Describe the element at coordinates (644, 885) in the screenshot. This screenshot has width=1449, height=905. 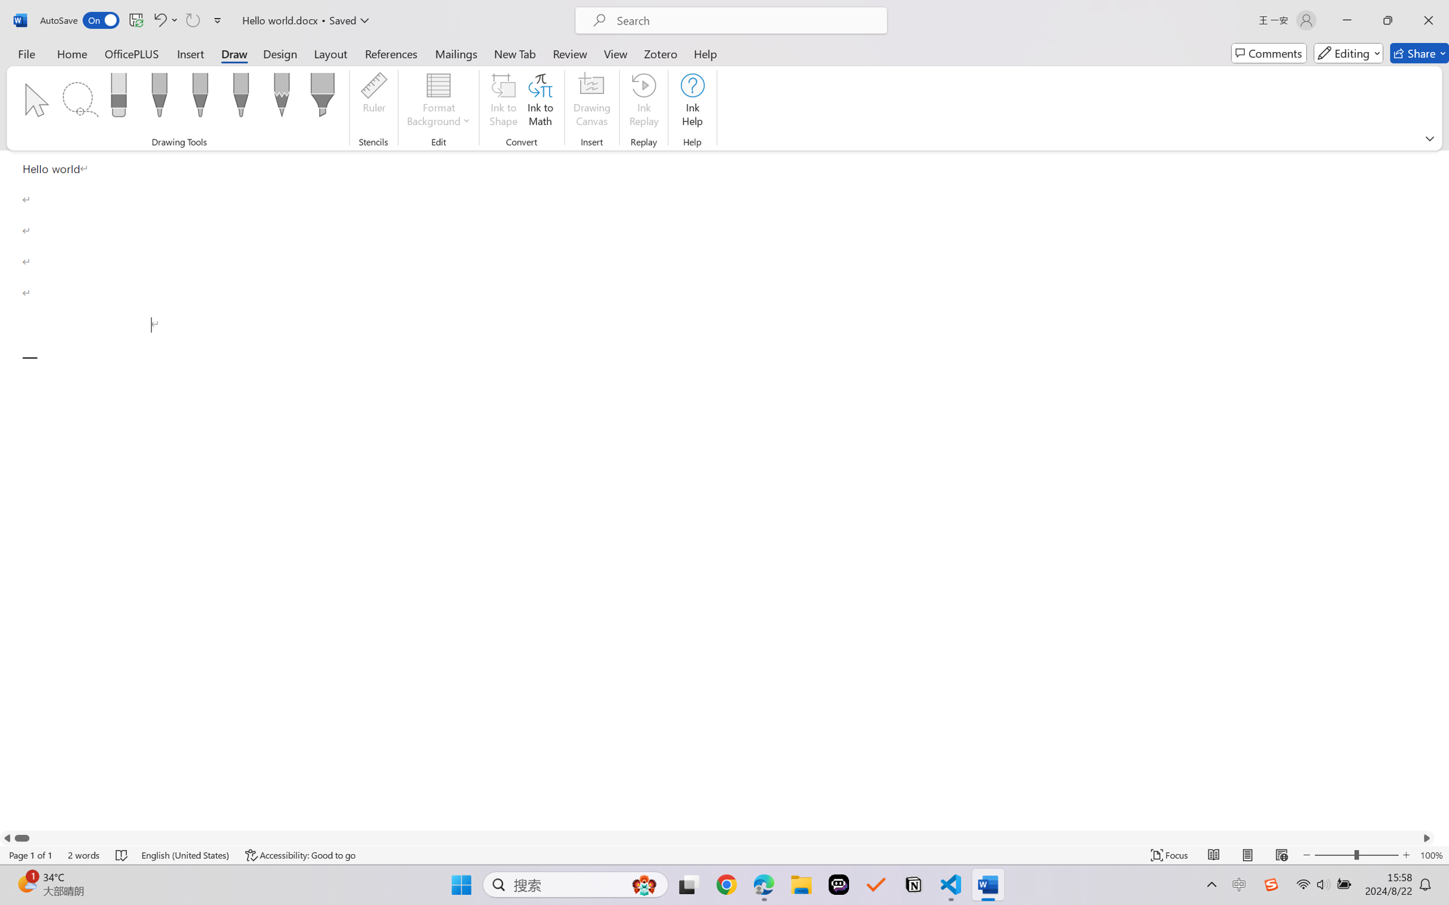
I see `'AutomationID: DynamicSearchBoxGleamImage'` at that location.